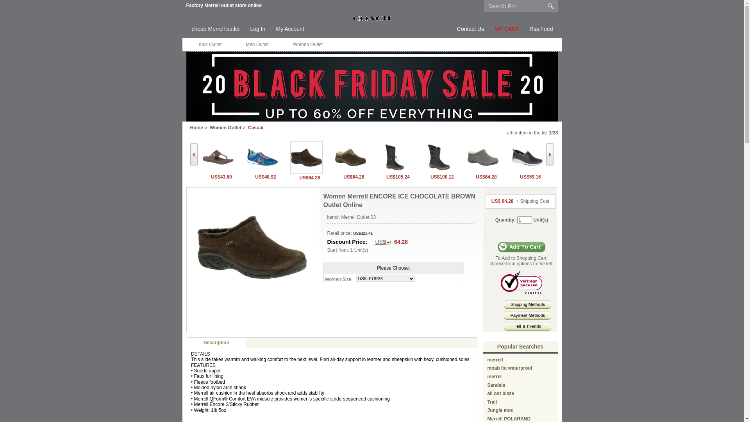 The width and height of the screenshot is (750, 422). Describe the element at coordinates (504, 318) in the screenshot. I see `'Payment methods'` at that location.